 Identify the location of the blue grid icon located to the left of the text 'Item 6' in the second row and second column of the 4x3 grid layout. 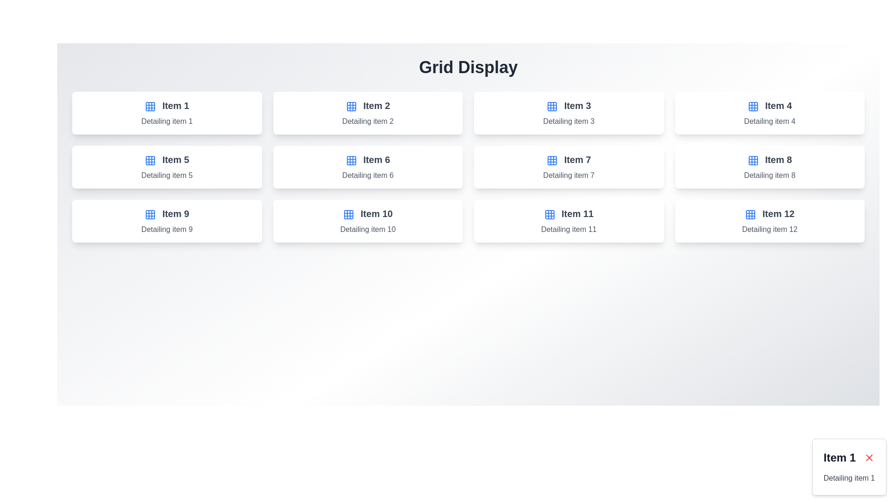
(351, 160).